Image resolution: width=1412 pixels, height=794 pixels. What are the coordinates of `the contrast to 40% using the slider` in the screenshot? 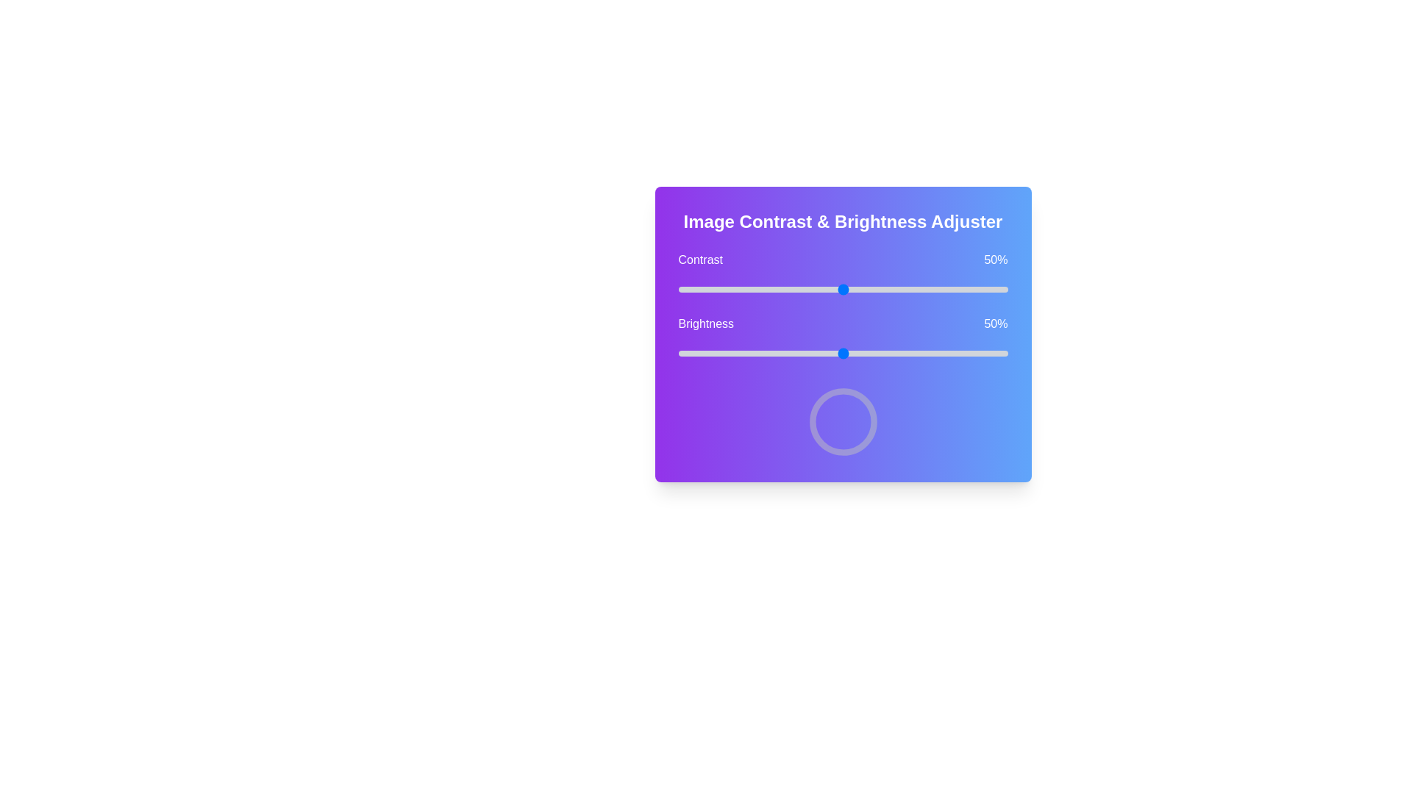 It's located at (809, 289).